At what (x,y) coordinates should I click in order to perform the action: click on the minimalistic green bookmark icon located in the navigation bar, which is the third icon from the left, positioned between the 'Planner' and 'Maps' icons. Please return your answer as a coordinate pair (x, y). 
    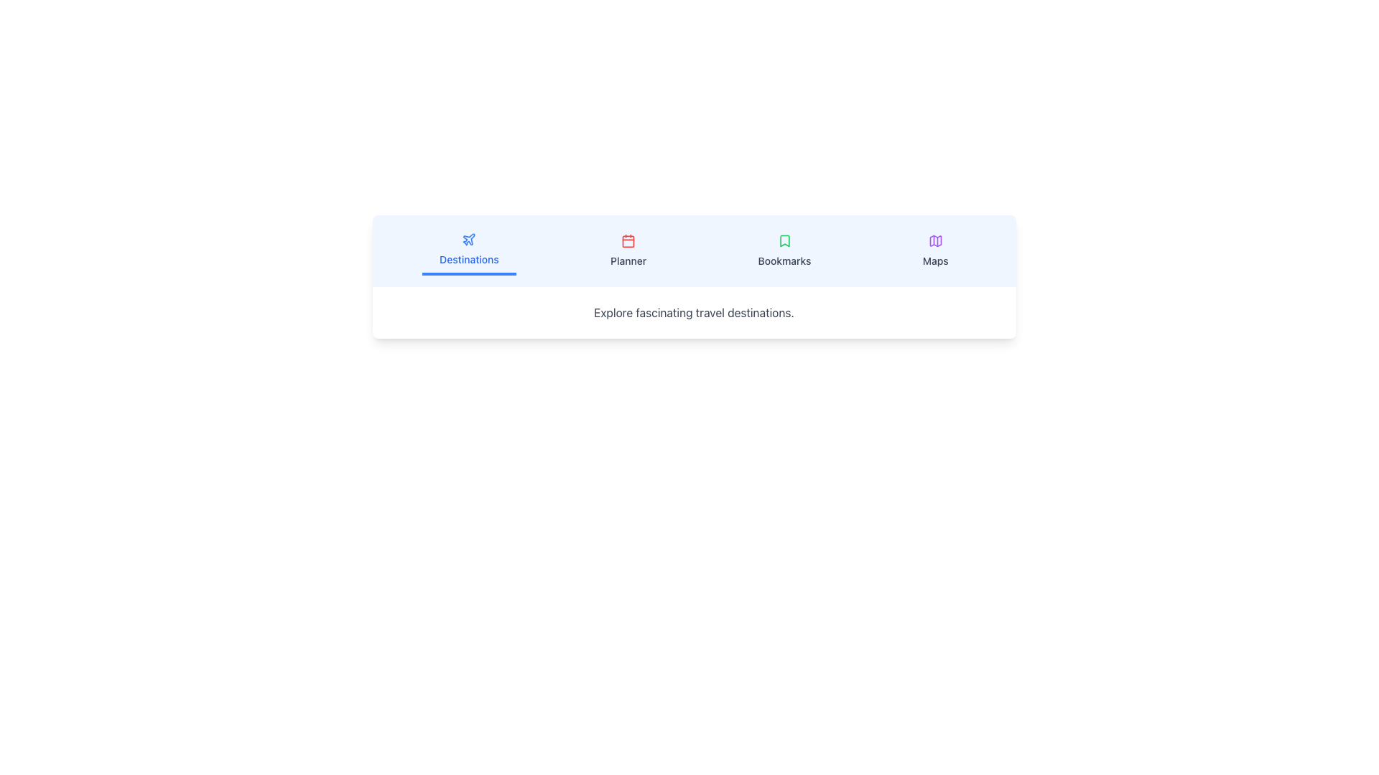
    Looking at the image, I should click on (784, 240).